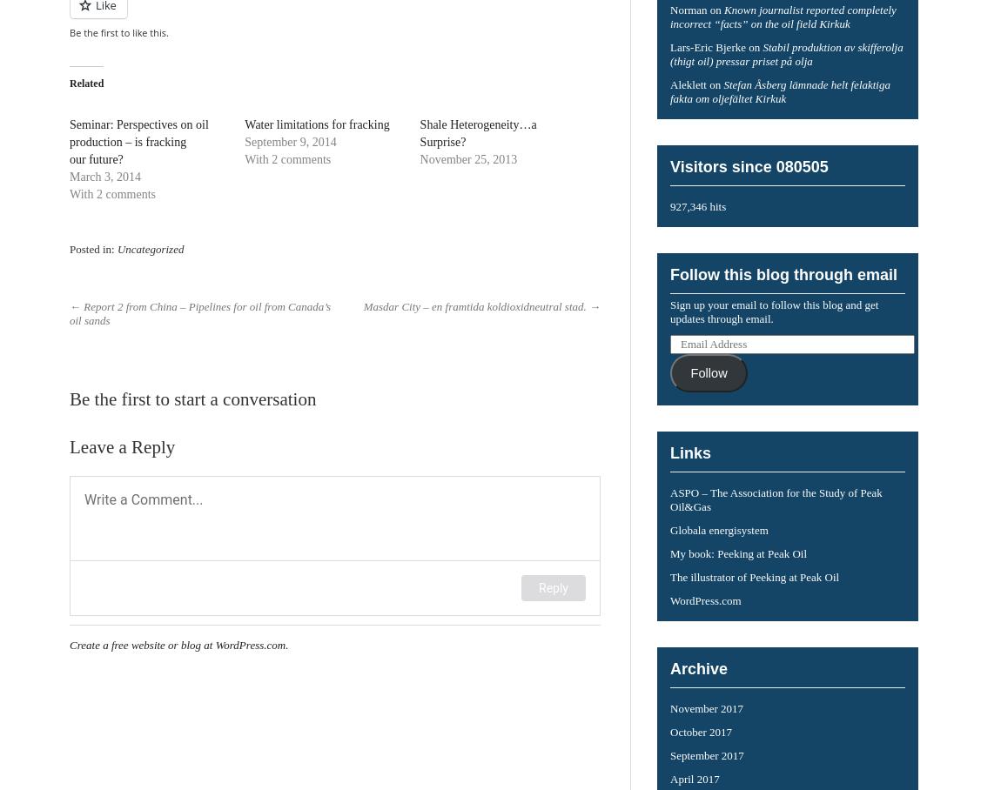 The image size is (1001, 790). What do you see at coordinates (669, 552) in the screenshot?
I see `'My book: Peeking at Peak Oil'` at bounding box center [669, 552].